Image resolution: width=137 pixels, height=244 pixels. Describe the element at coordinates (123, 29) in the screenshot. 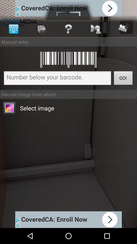

I see `the first button at top right corner of the page` at that location.